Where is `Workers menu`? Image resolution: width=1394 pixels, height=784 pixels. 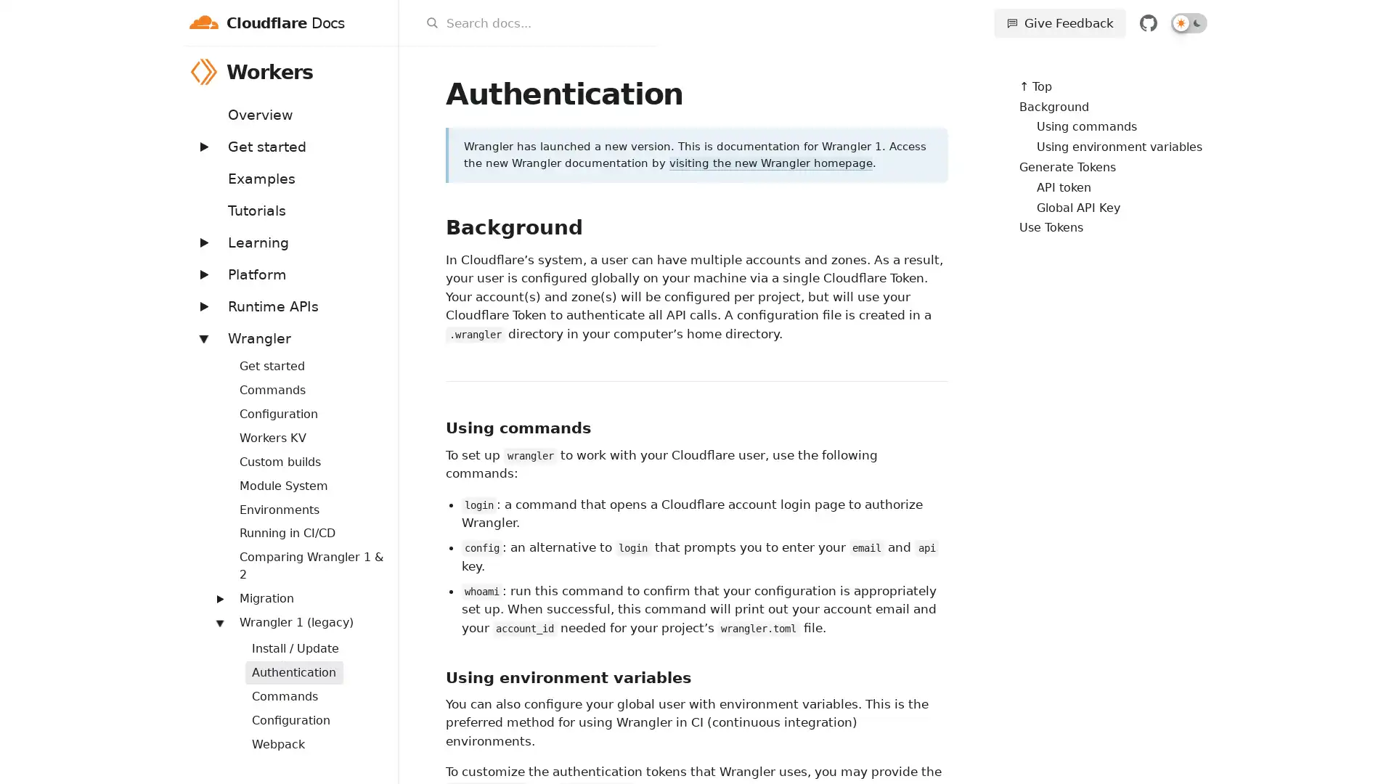
Workers menu is located at coordinates (379, 71).